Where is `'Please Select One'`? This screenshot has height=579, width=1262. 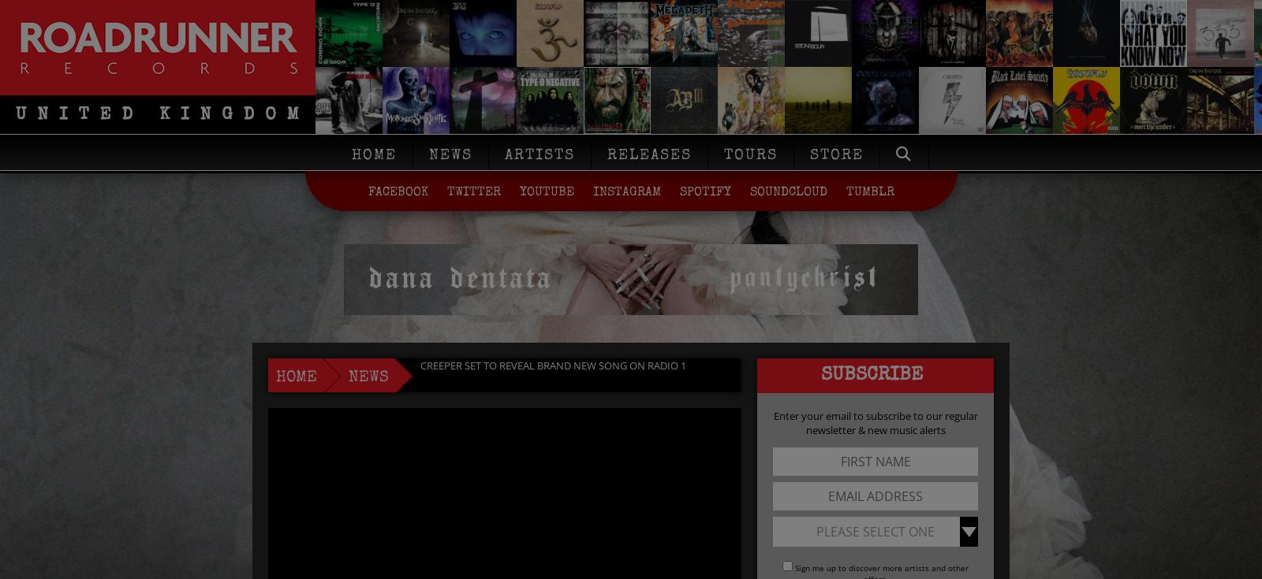
'Please Select One' is located at coordinates (816, 531).